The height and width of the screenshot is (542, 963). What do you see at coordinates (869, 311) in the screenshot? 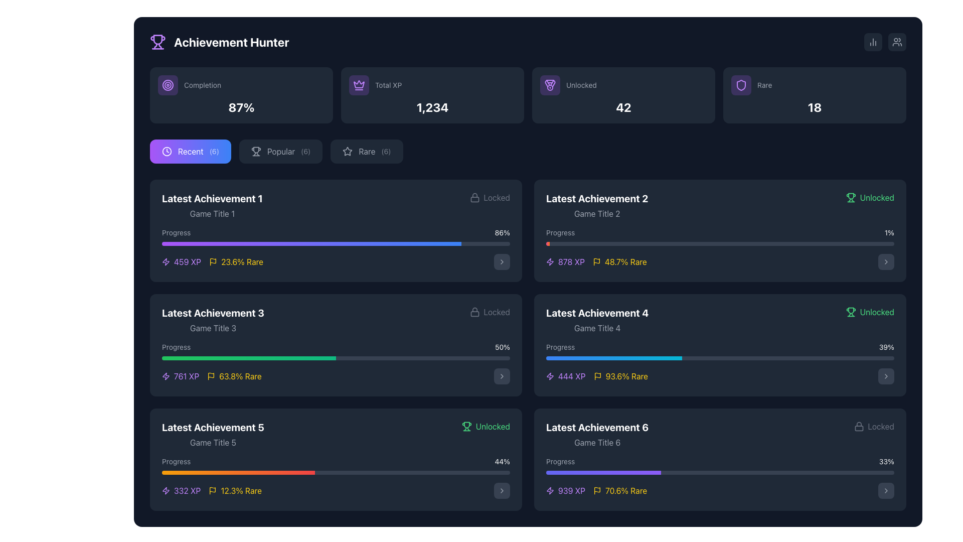
I see `the status indicator label with icon that signifies the achievement progress in the 'Latest Achievement 4' section, located at the top-right corner of the section` at bounding box center [869, 311].